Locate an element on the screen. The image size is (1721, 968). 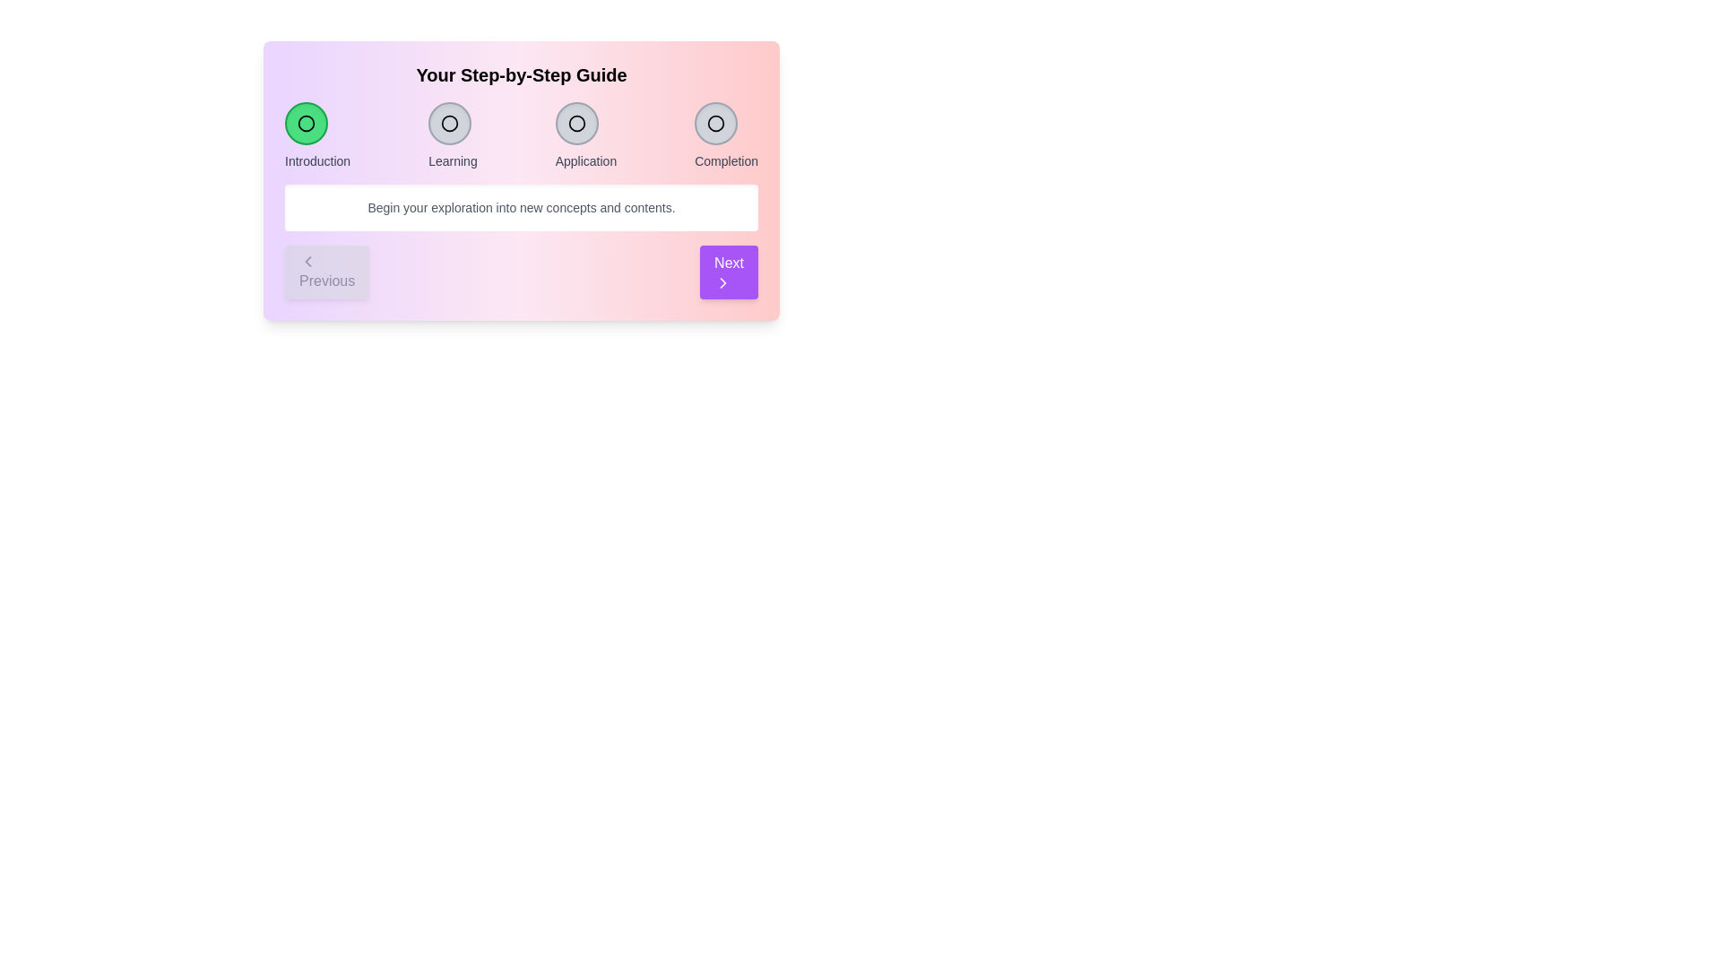
the SVG vector circle that represents the completion step indicator, which is the third circle in the sequence of step navigation indicators located towards the top right of the interface is located at coordinates (715, 123).